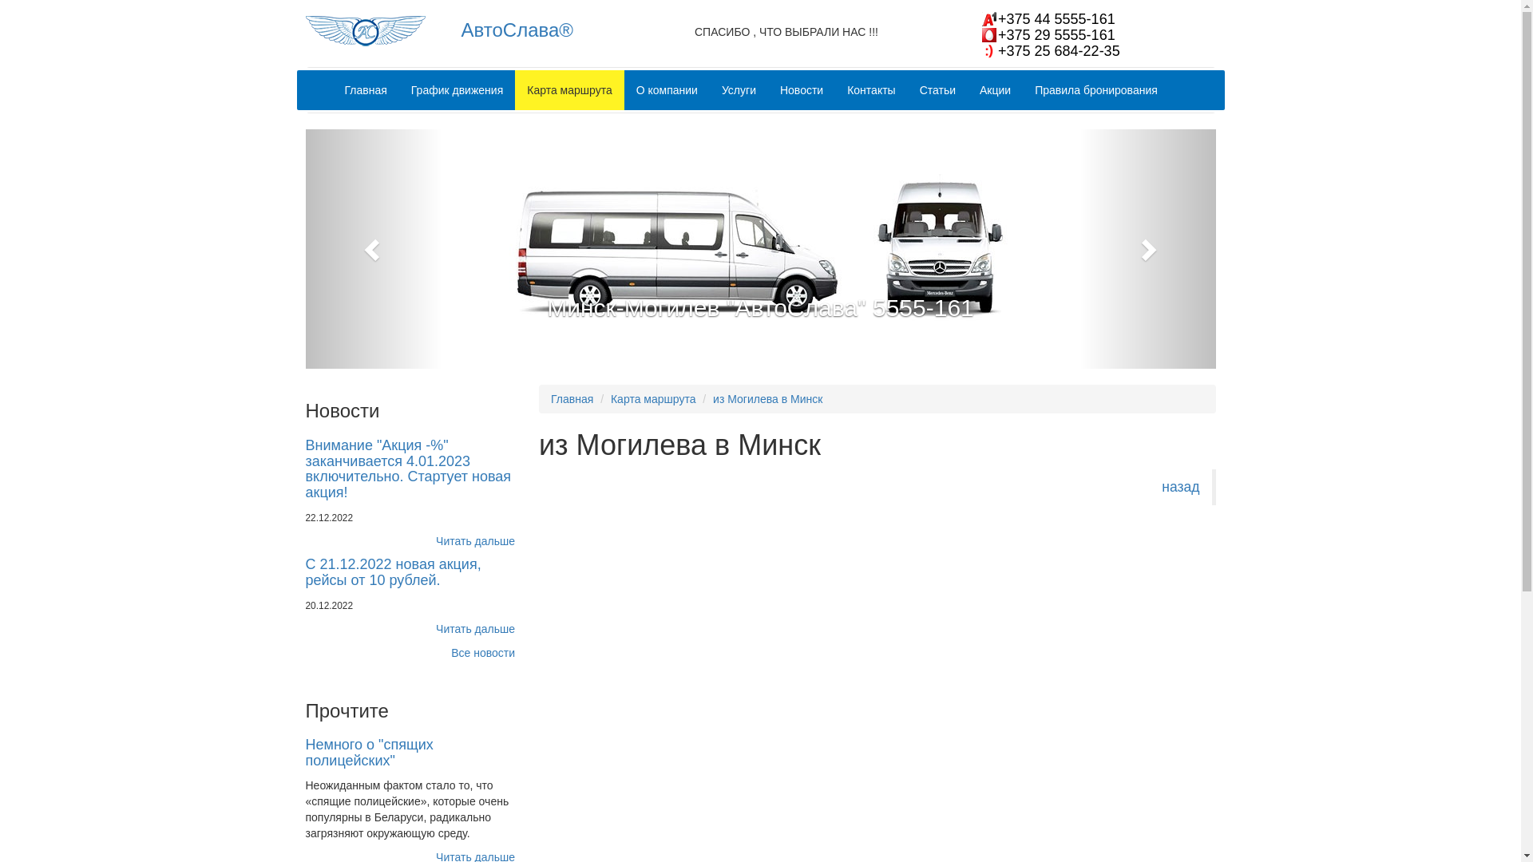 This screenshot has width=1533, height=862. I want to click on 'Next', so click(1147, 249).